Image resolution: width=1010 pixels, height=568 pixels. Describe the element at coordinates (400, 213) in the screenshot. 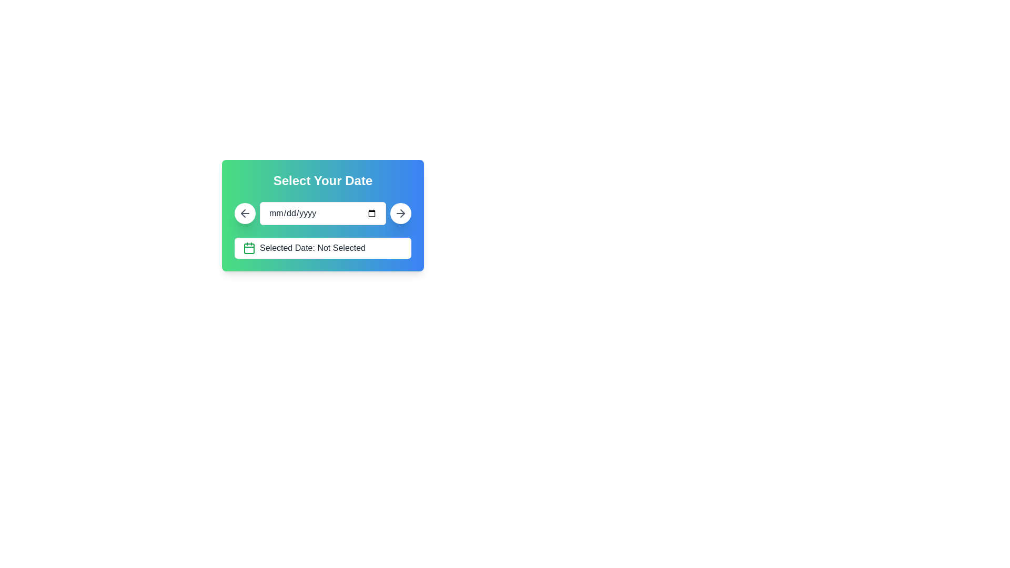

I see `the arrow icon within the circular button located in the top-right corner of the date selection panel` at that location.